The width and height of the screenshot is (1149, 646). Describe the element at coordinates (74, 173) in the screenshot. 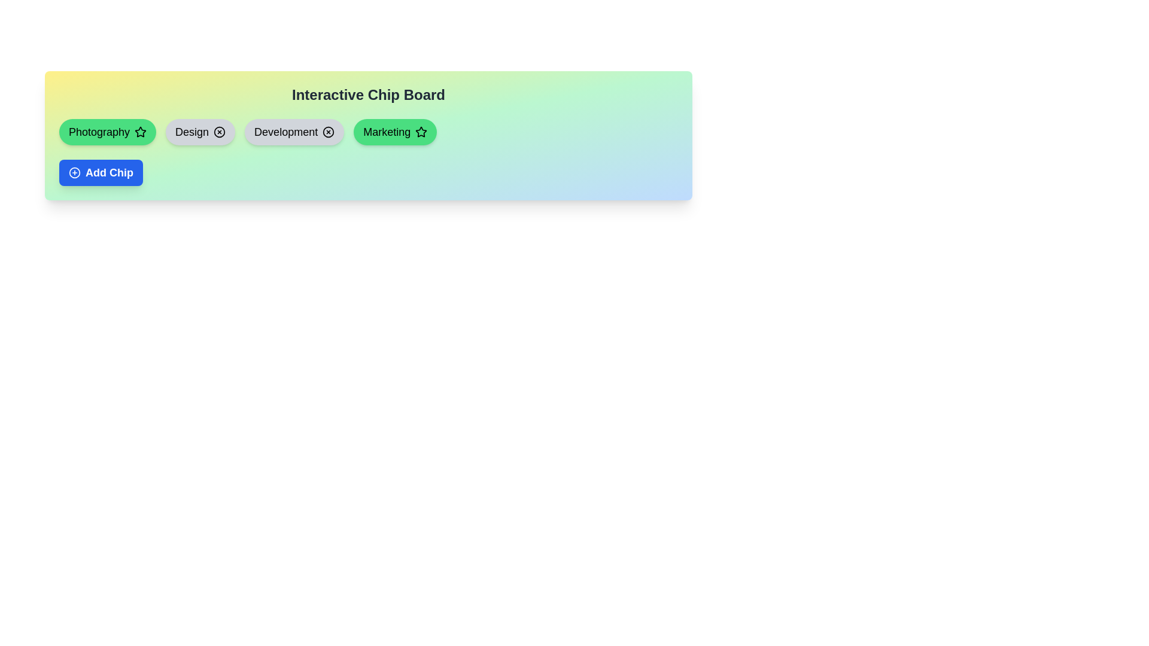

I see `the circular vector graphic with a blue border located on the left side of the 'Add Chip' button at the bottom-left of the grouped set of chips and buttons` at that location.